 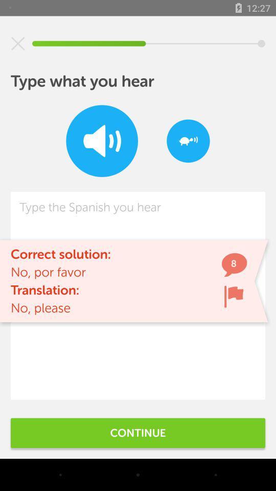 What do you see at coordinates (102, 140) in the screenshot?
I see `sound` at bounding box center [102, 140].